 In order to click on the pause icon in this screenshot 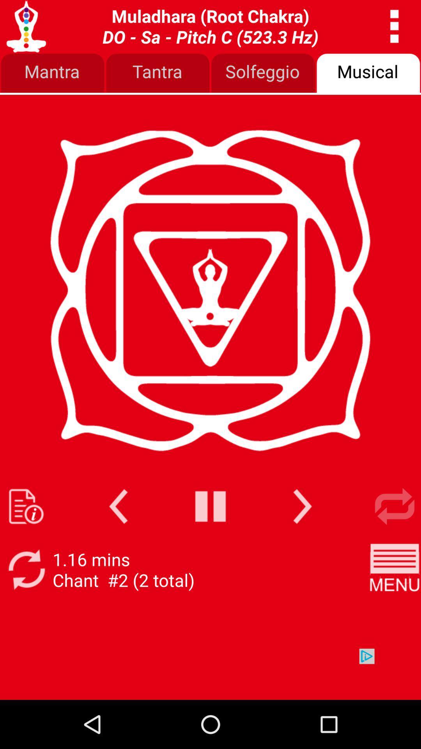, I will do `click(210, 541)`.